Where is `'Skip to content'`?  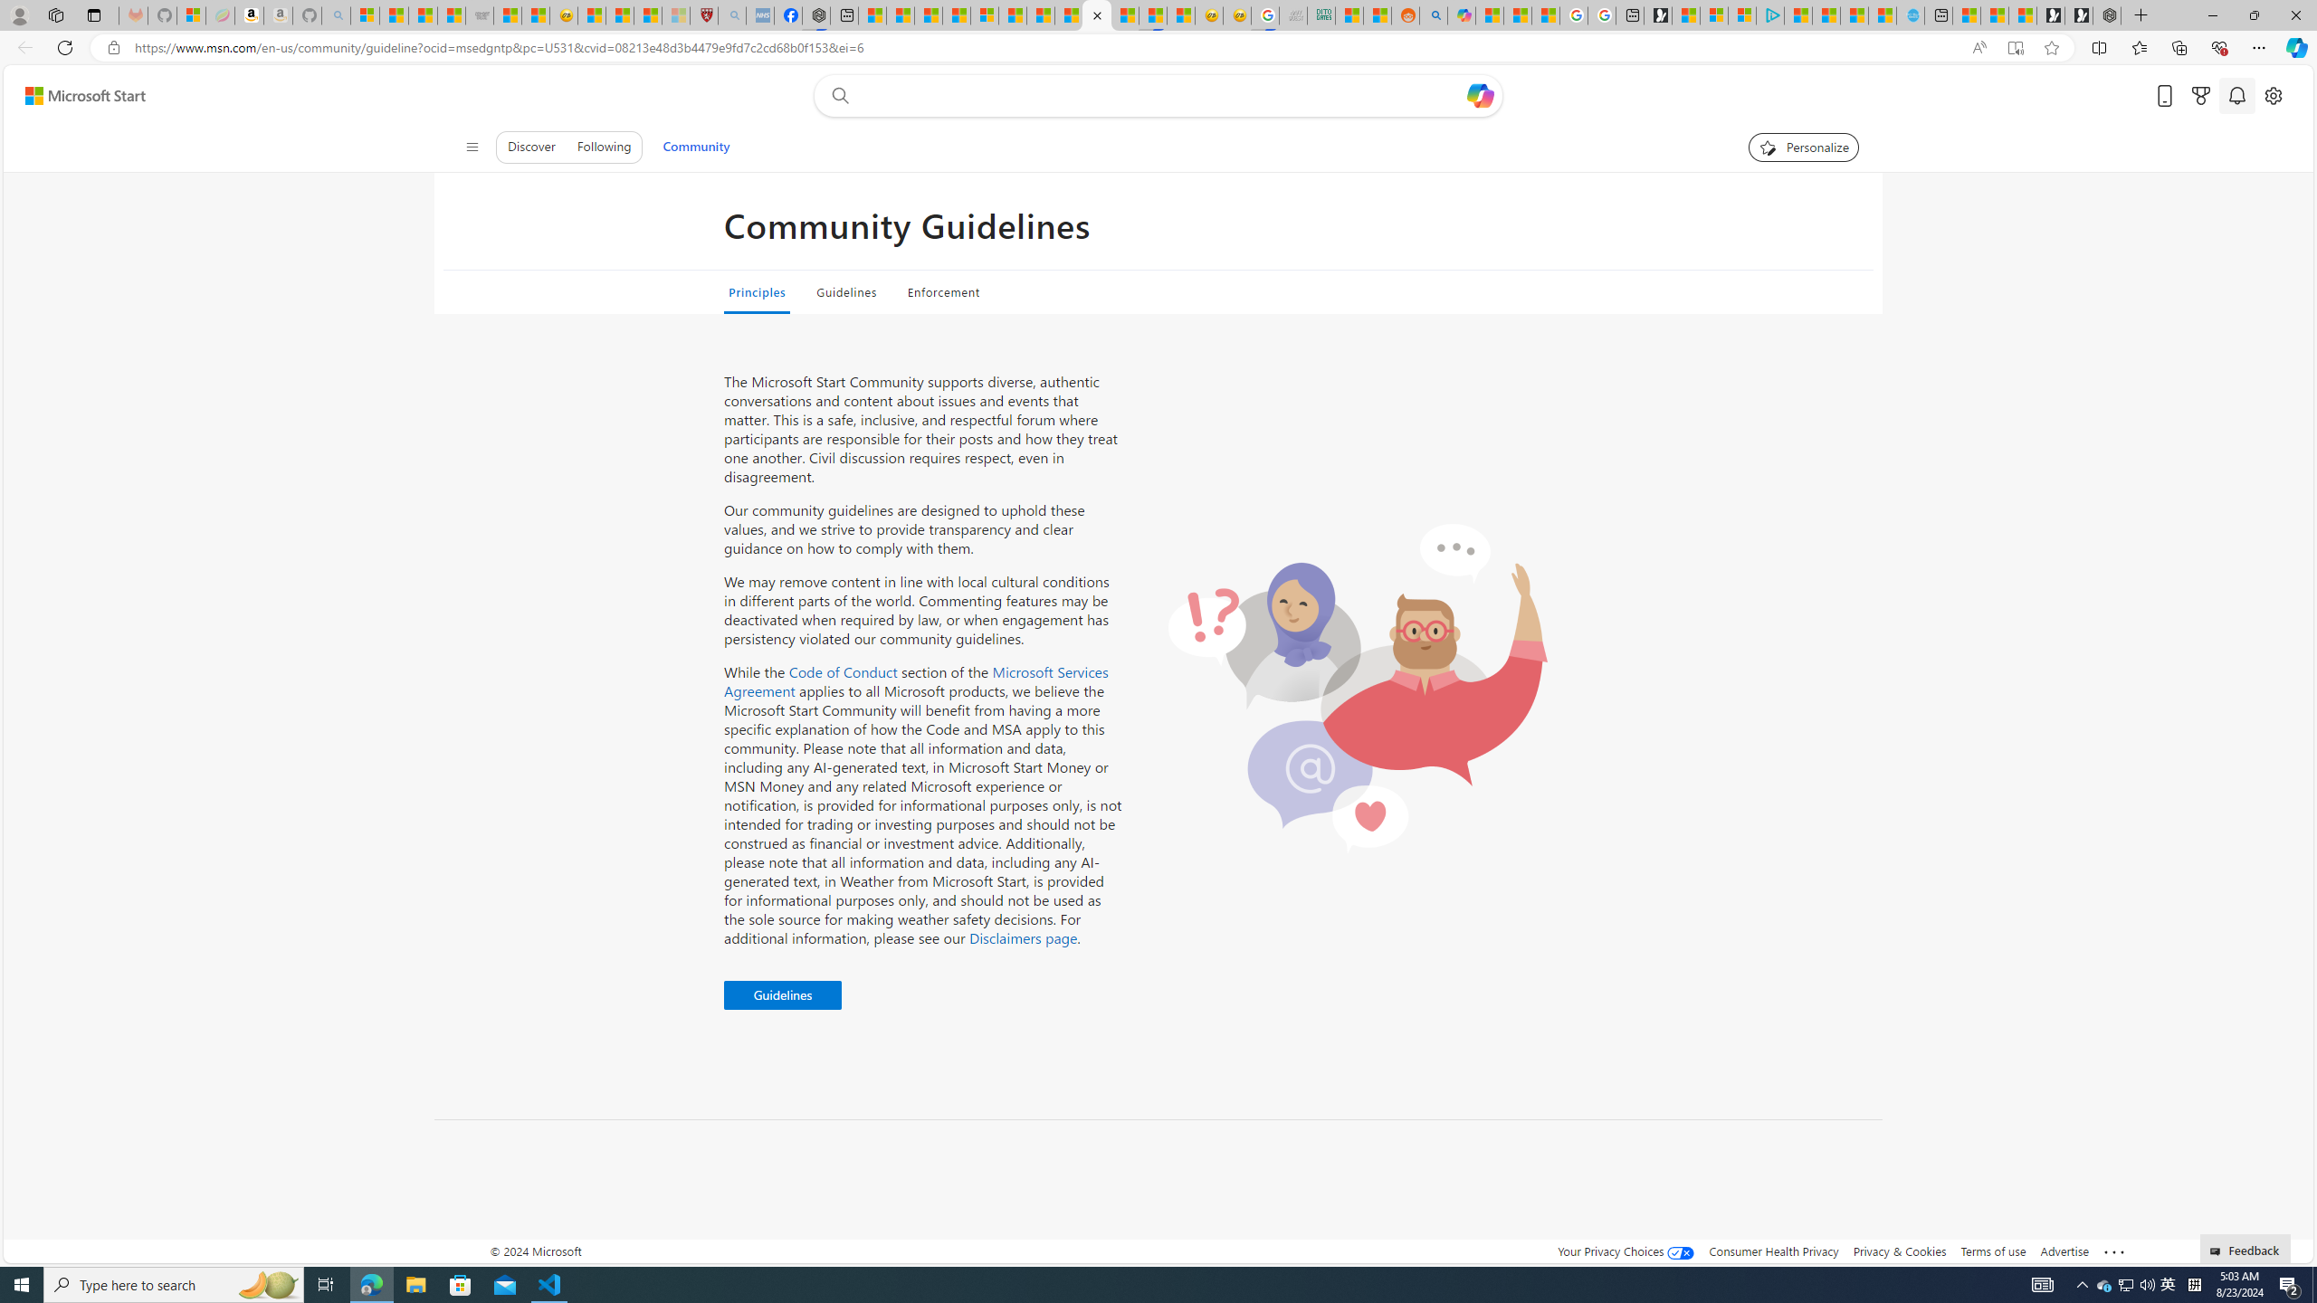 'Skip to content' is located at coordinates (78, 94).